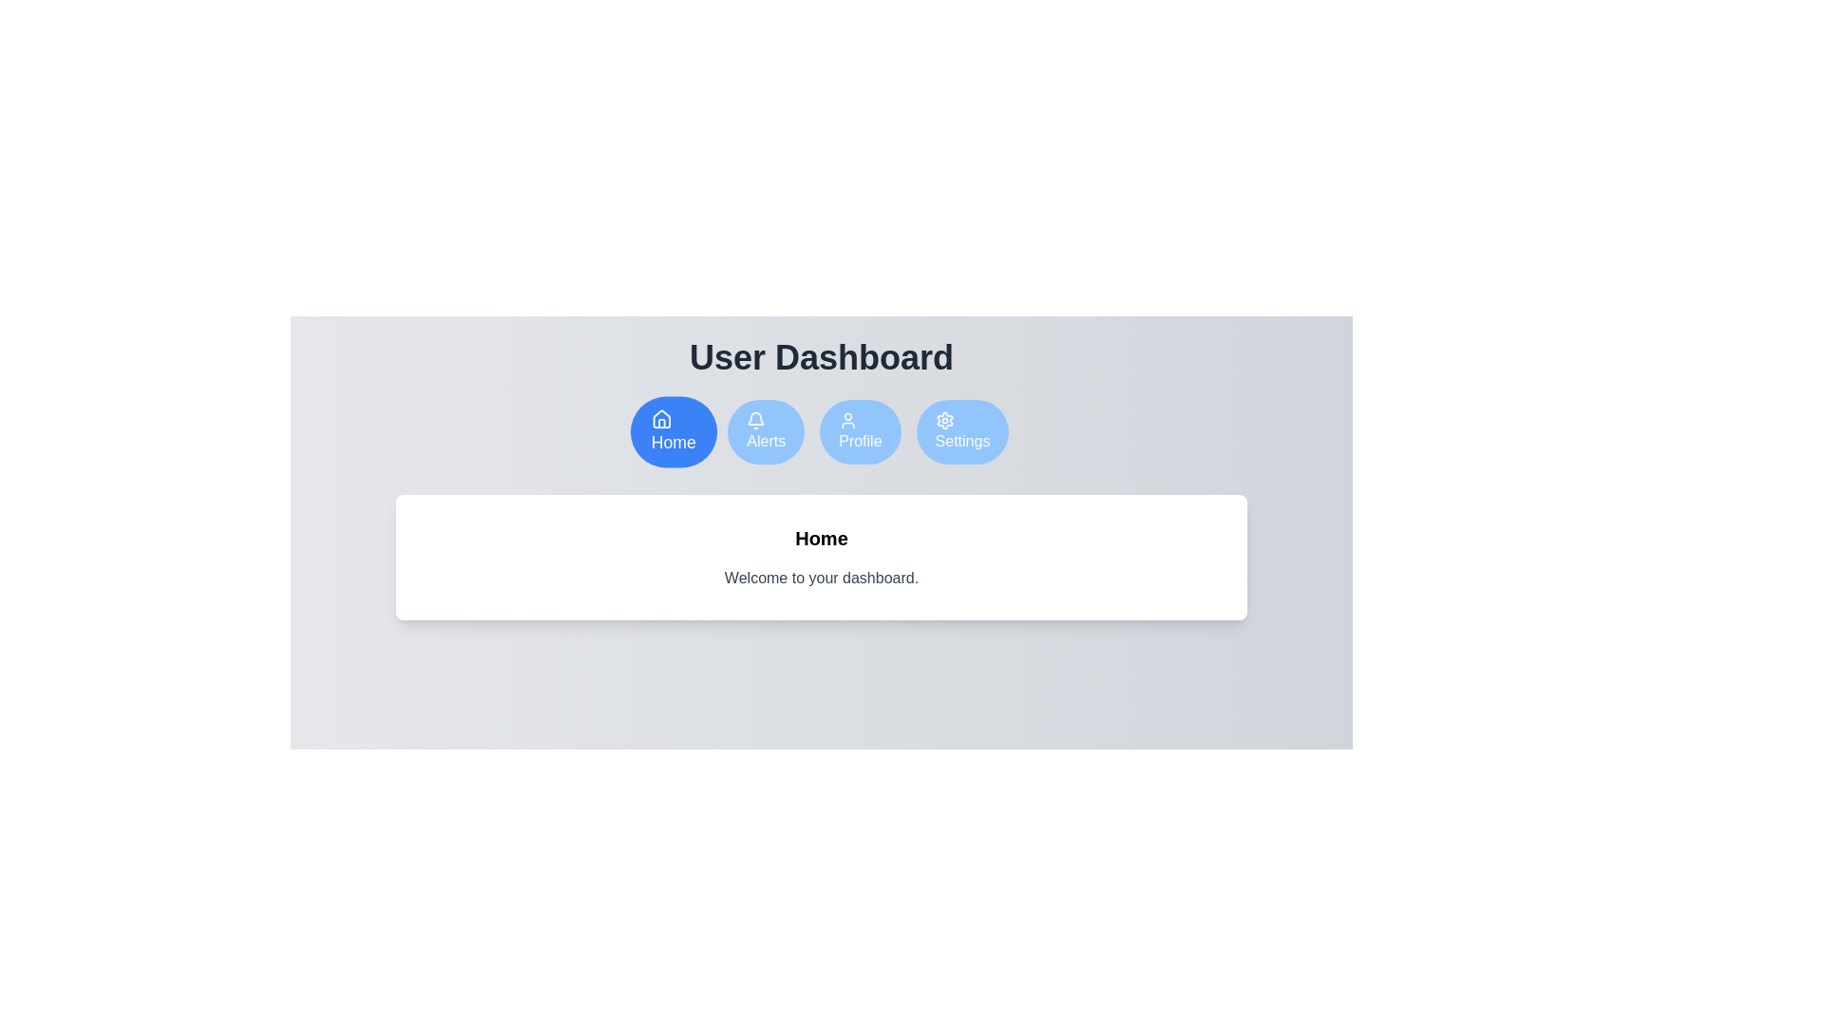  Describe the element at coordinates (962, 432) in the screenshot. I see `the Settings tab by clicking on the respective button` at that location.